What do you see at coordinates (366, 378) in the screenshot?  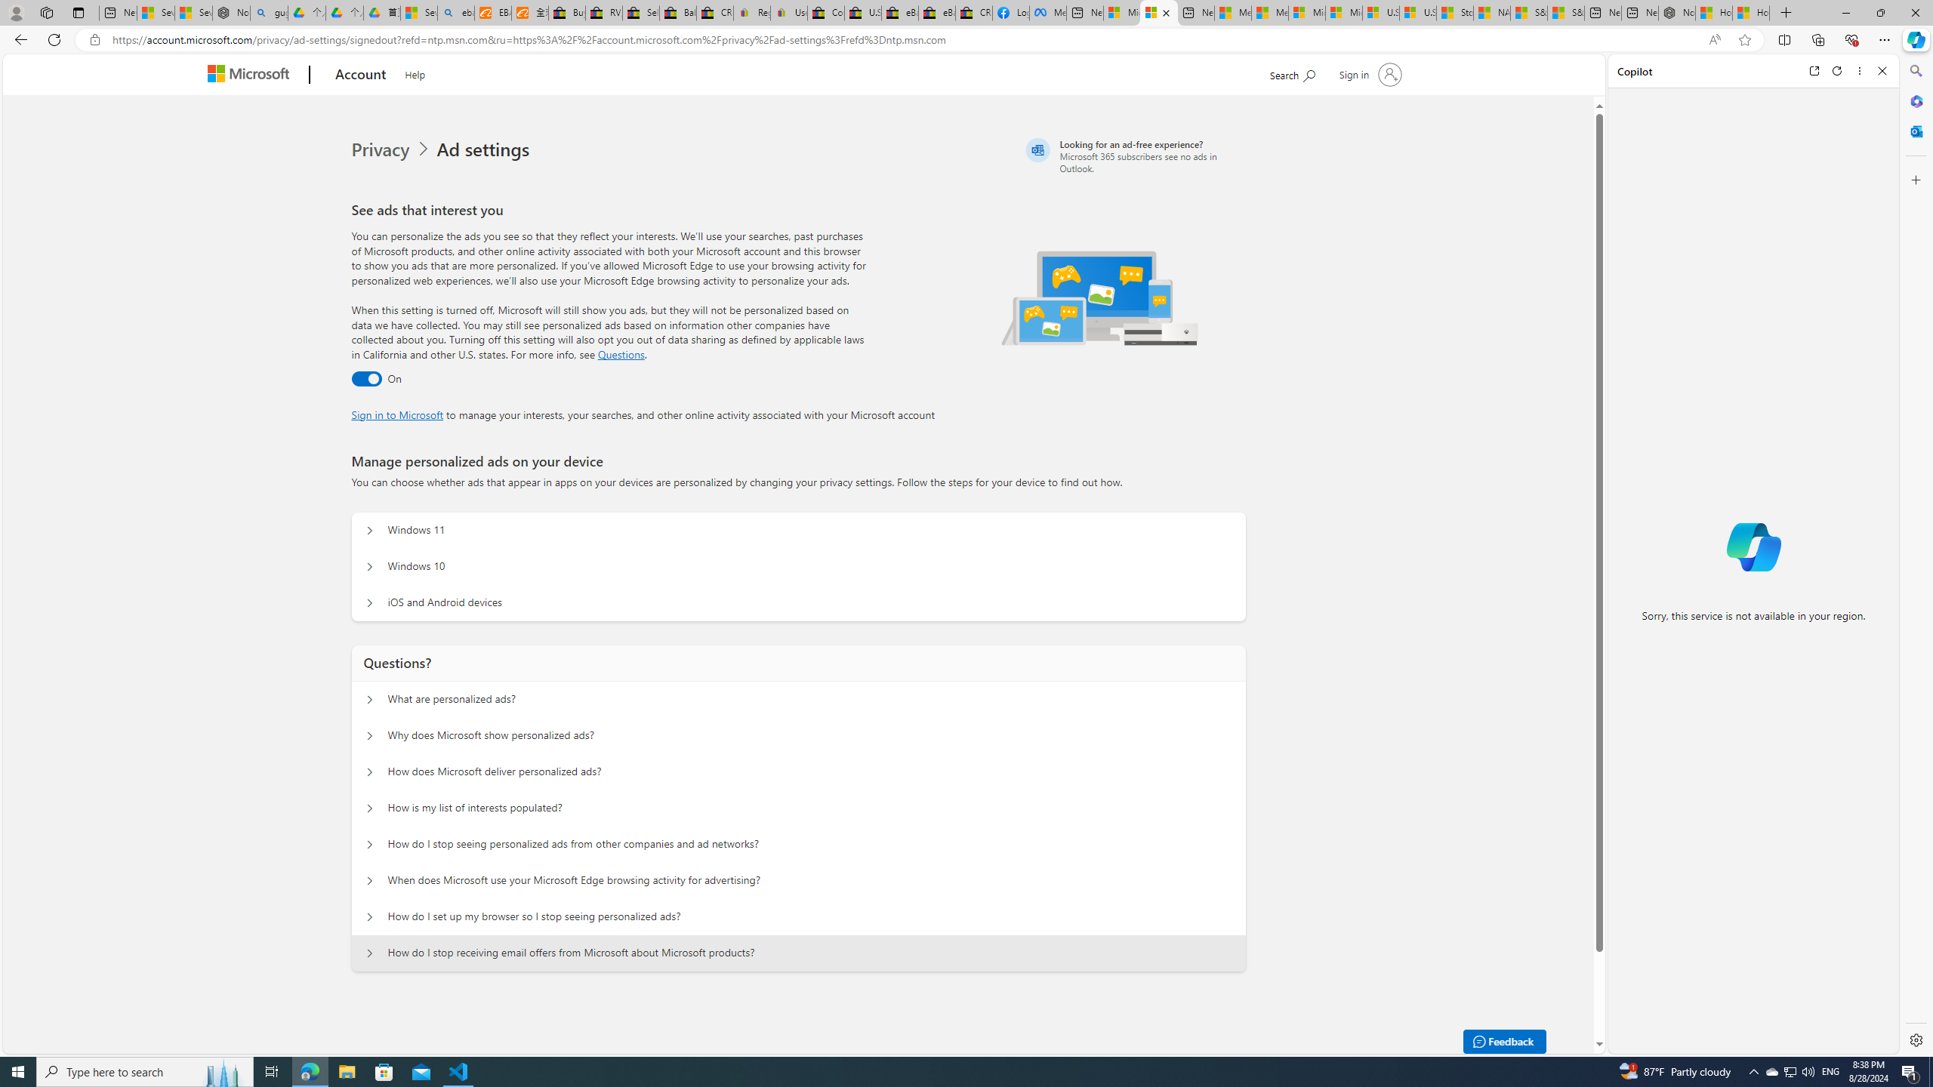 I see `'Ad settings toggle'` at bounding box center [366, 378].